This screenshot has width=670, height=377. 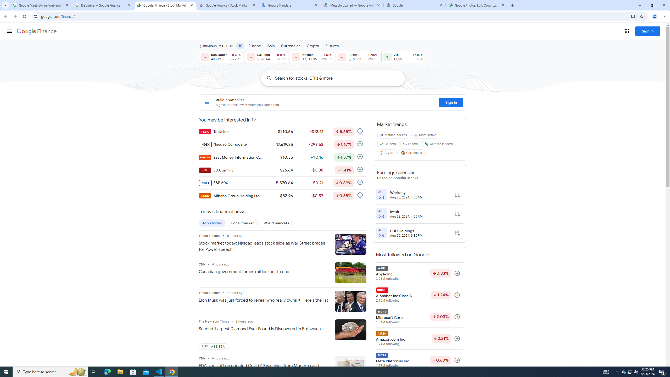 What do you see at coordinates (290, 5) in the screenshot?
I see `'Google Translate'` at bounding box center [290, 5].